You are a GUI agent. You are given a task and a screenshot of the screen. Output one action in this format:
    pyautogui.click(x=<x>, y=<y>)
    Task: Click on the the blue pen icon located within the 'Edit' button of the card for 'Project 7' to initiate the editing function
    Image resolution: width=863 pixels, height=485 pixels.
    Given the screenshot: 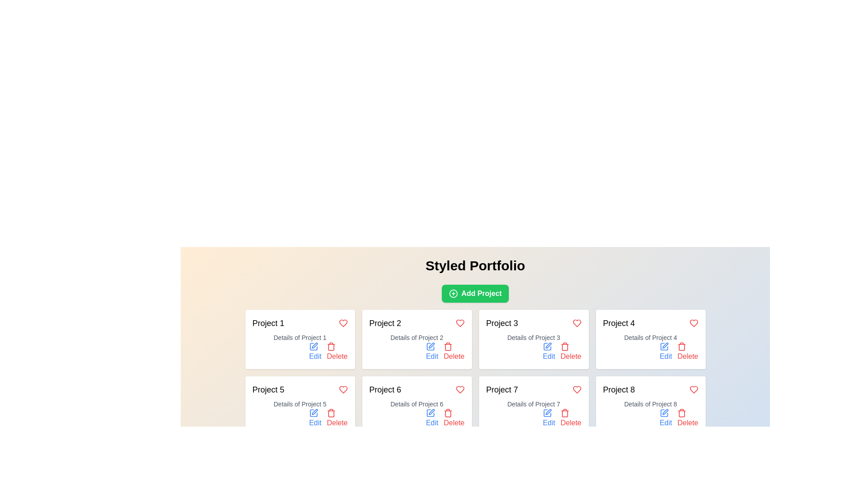 What is the action you would take?
    pyautogui.click(x=547, y=413)
    